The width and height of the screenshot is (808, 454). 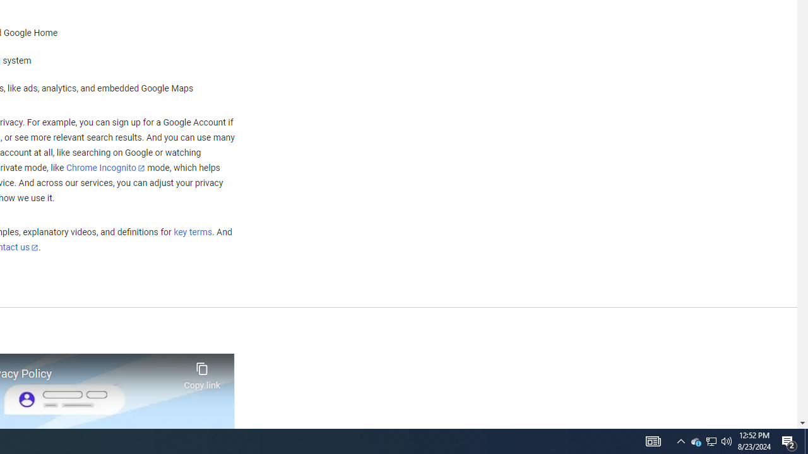 What do you see at coordinates (192, 232) in the screenshot?
I see `'key terms'` at bounding box center [192, 232].